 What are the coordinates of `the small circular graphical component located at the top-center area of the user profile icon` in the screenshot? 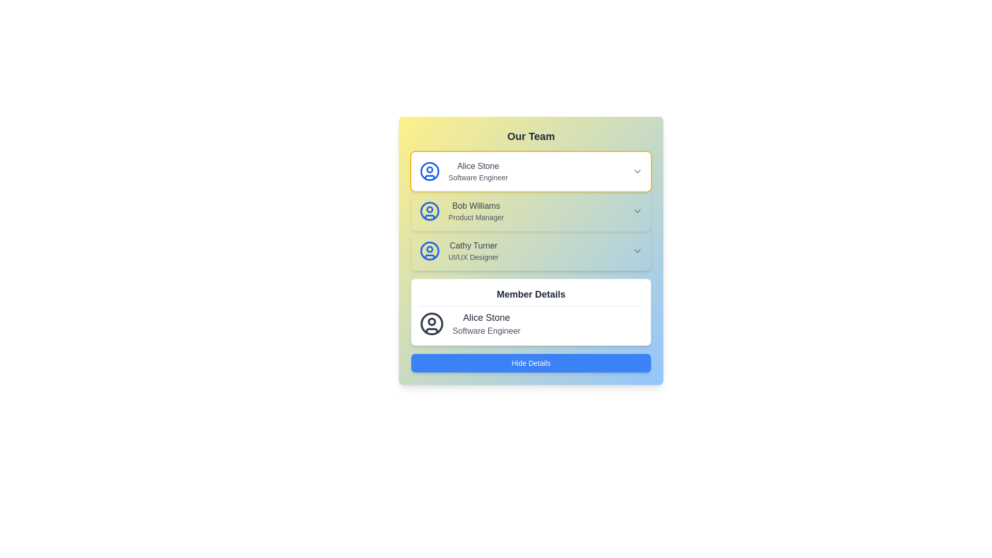 It's located at (431, 321).